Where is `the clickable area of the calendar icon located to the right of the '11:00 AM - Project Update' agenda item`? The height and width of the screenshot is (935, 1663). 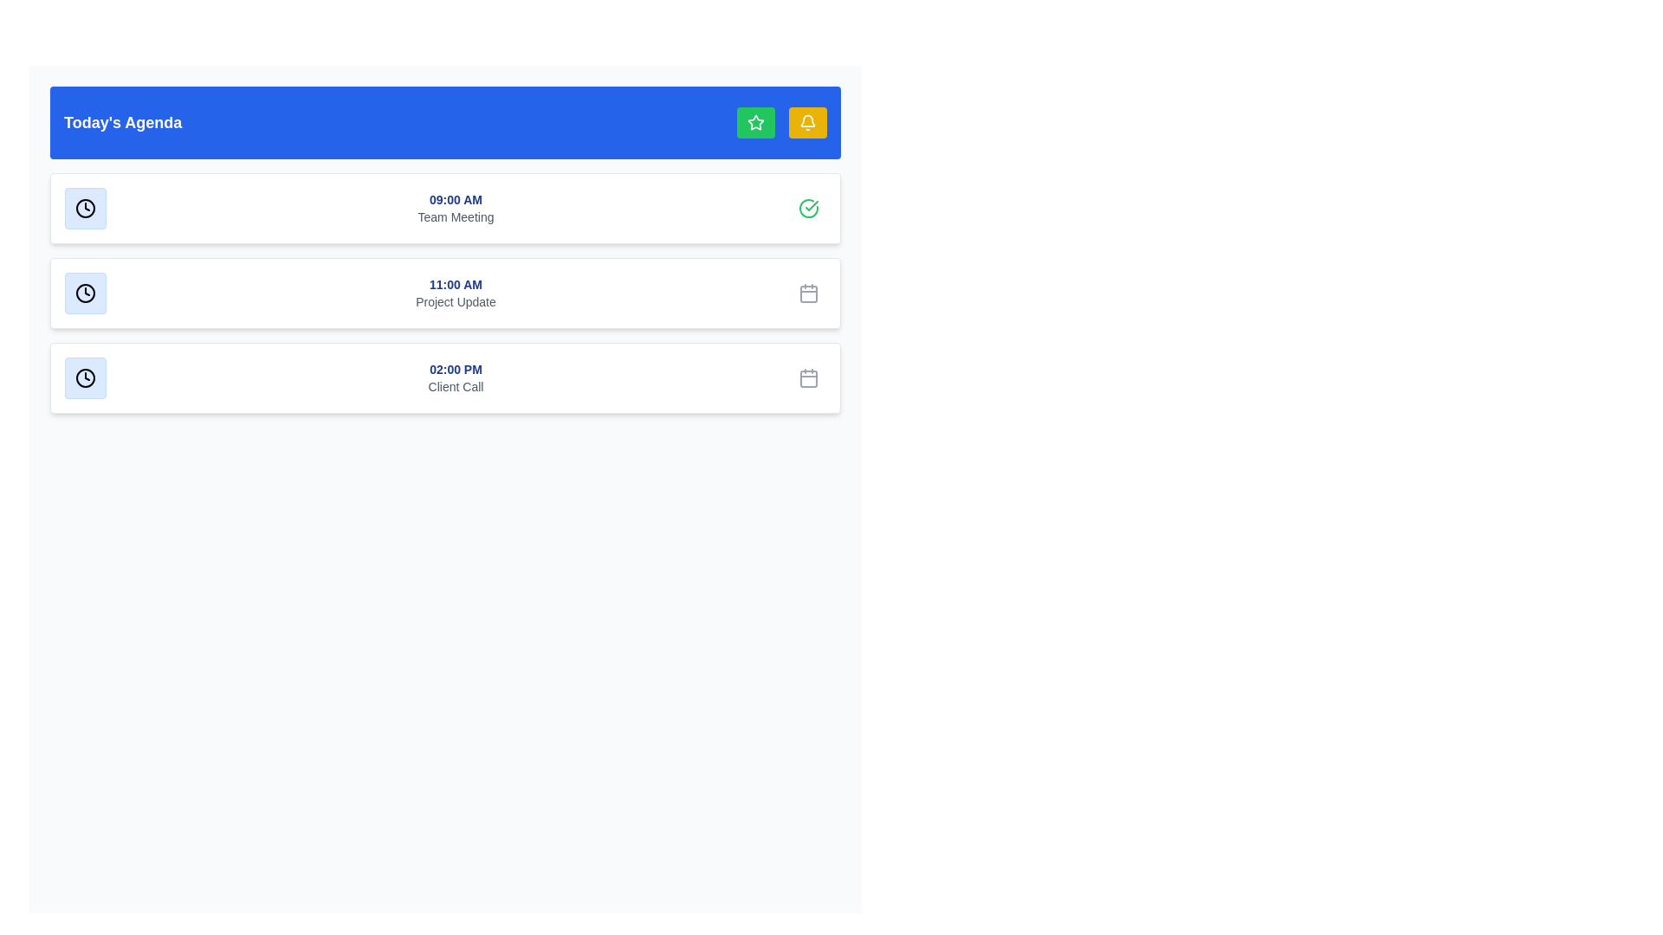 the clickable area of the calendar icon located to the right of the '11:00 AM - Project Update' agenda item is located at coordinates (808, 293).